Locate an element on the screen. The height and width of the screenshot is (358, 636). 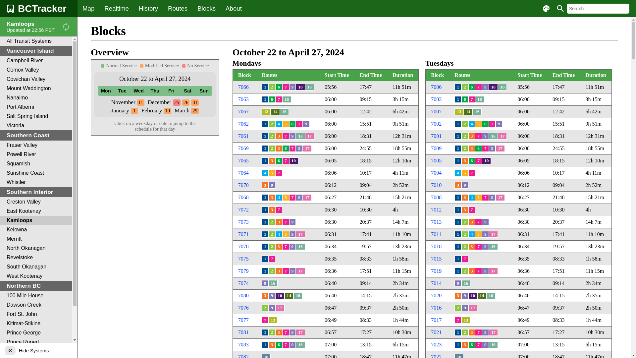
'7' is located at coordinates (279, 209).